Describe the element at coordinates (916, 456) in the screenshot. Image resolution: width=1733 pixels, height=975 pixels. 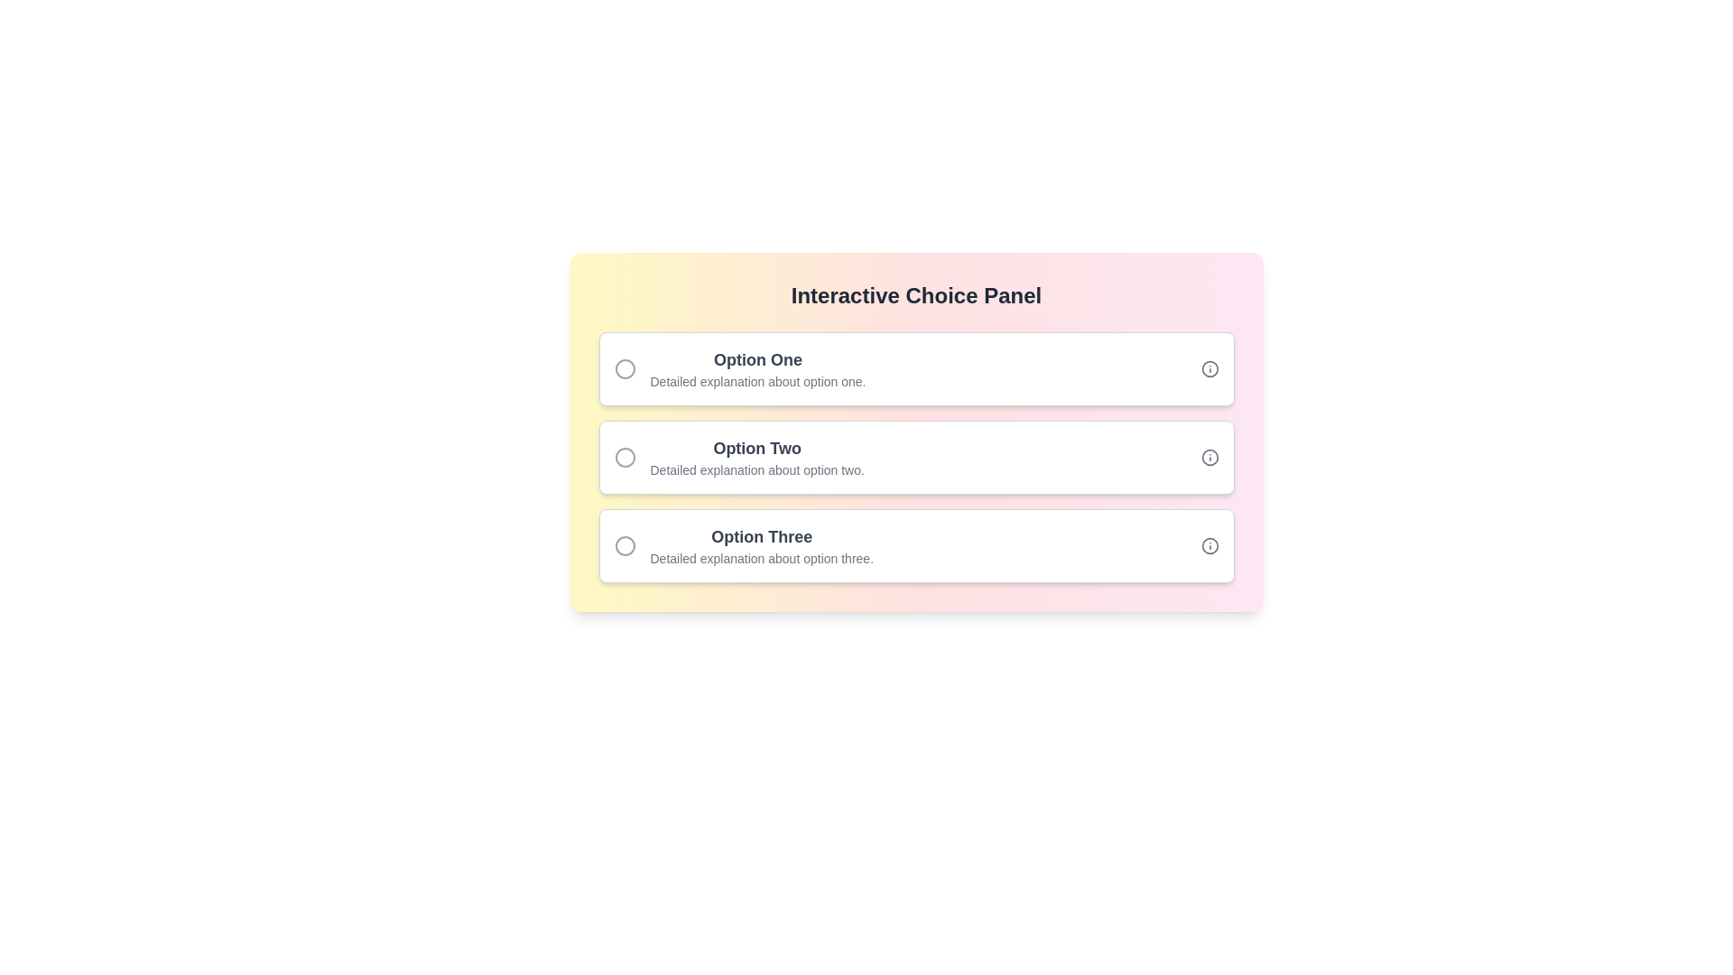
I see `the second option card in the 'Interactive Choice Panel' that allows users to select option two` at that location.